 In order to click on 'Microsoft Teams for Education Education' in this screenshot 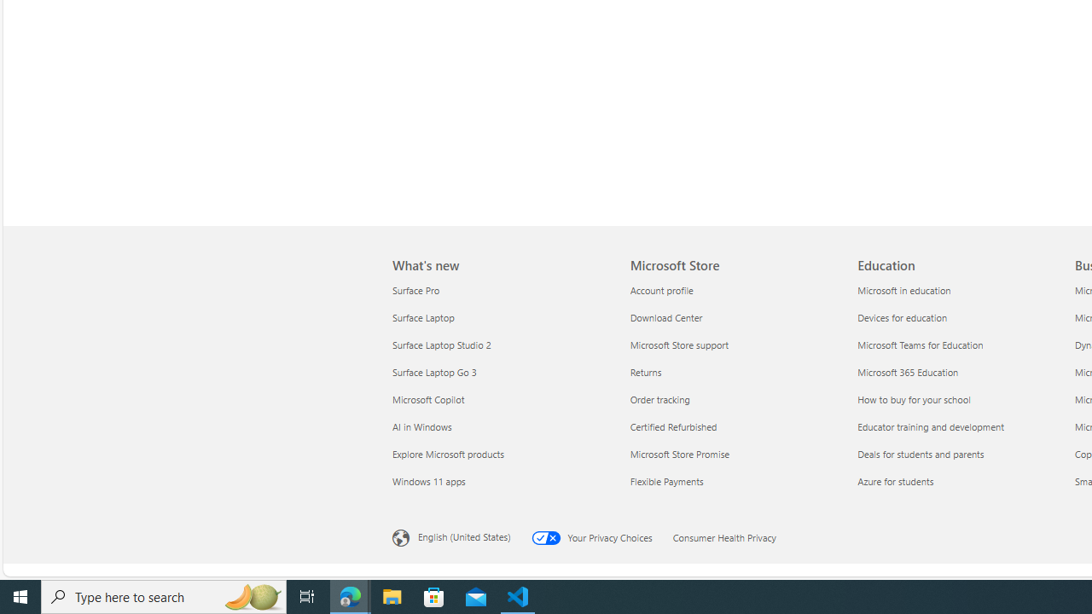, I will do `click(920, 344)`.